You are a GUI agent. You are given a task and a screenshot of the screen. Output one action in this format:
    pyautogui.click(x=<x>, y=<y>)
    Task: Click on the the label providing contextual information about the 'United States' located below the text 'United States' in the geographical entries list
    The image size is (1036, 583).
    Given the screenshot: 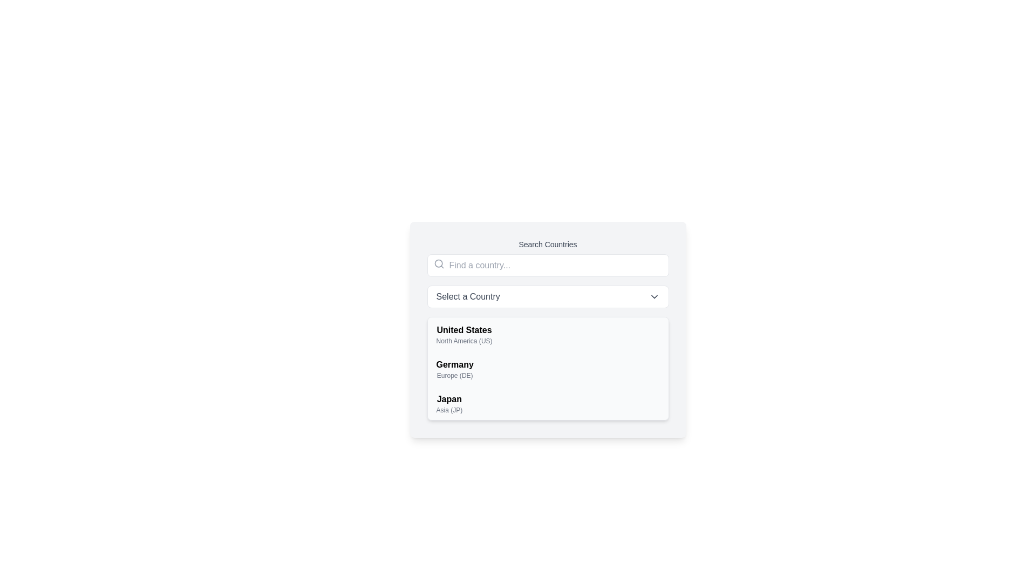 What is the action you would take?
    pyautogui.click(x=464, y=341)
    